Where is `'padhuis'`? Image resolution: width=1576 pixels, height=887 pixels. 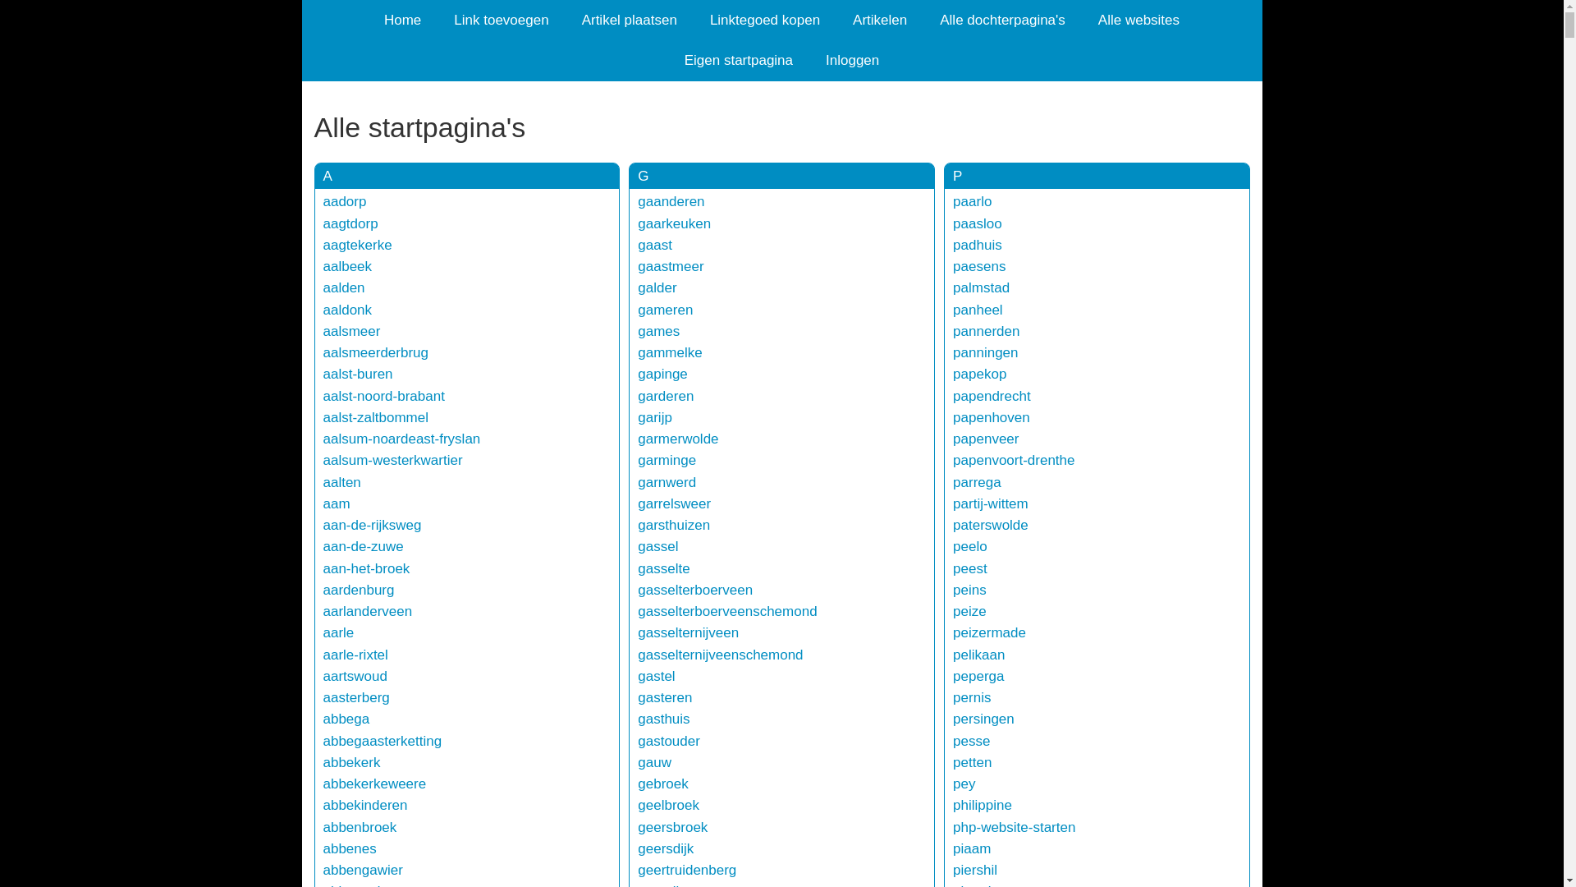 'padhuis' is located at coordinates (977, 245).